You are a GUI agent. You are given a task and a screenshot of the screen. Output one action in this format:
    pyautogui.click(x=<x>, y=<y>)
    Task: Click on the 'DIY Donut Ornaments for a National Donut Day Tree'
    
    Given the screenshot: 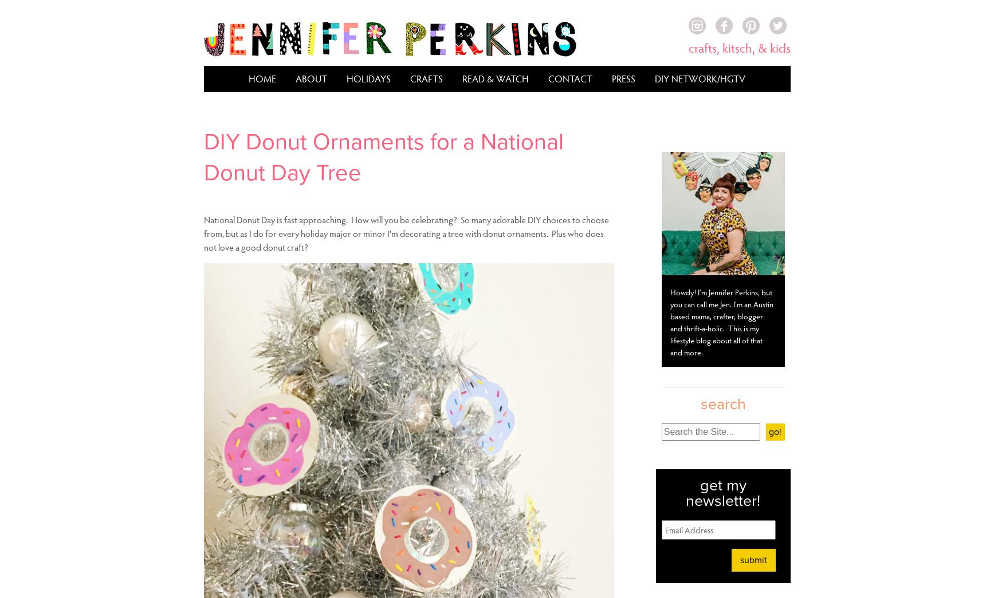 What is the action you would take?
    pyautogui.click(x=383, y=156)
    